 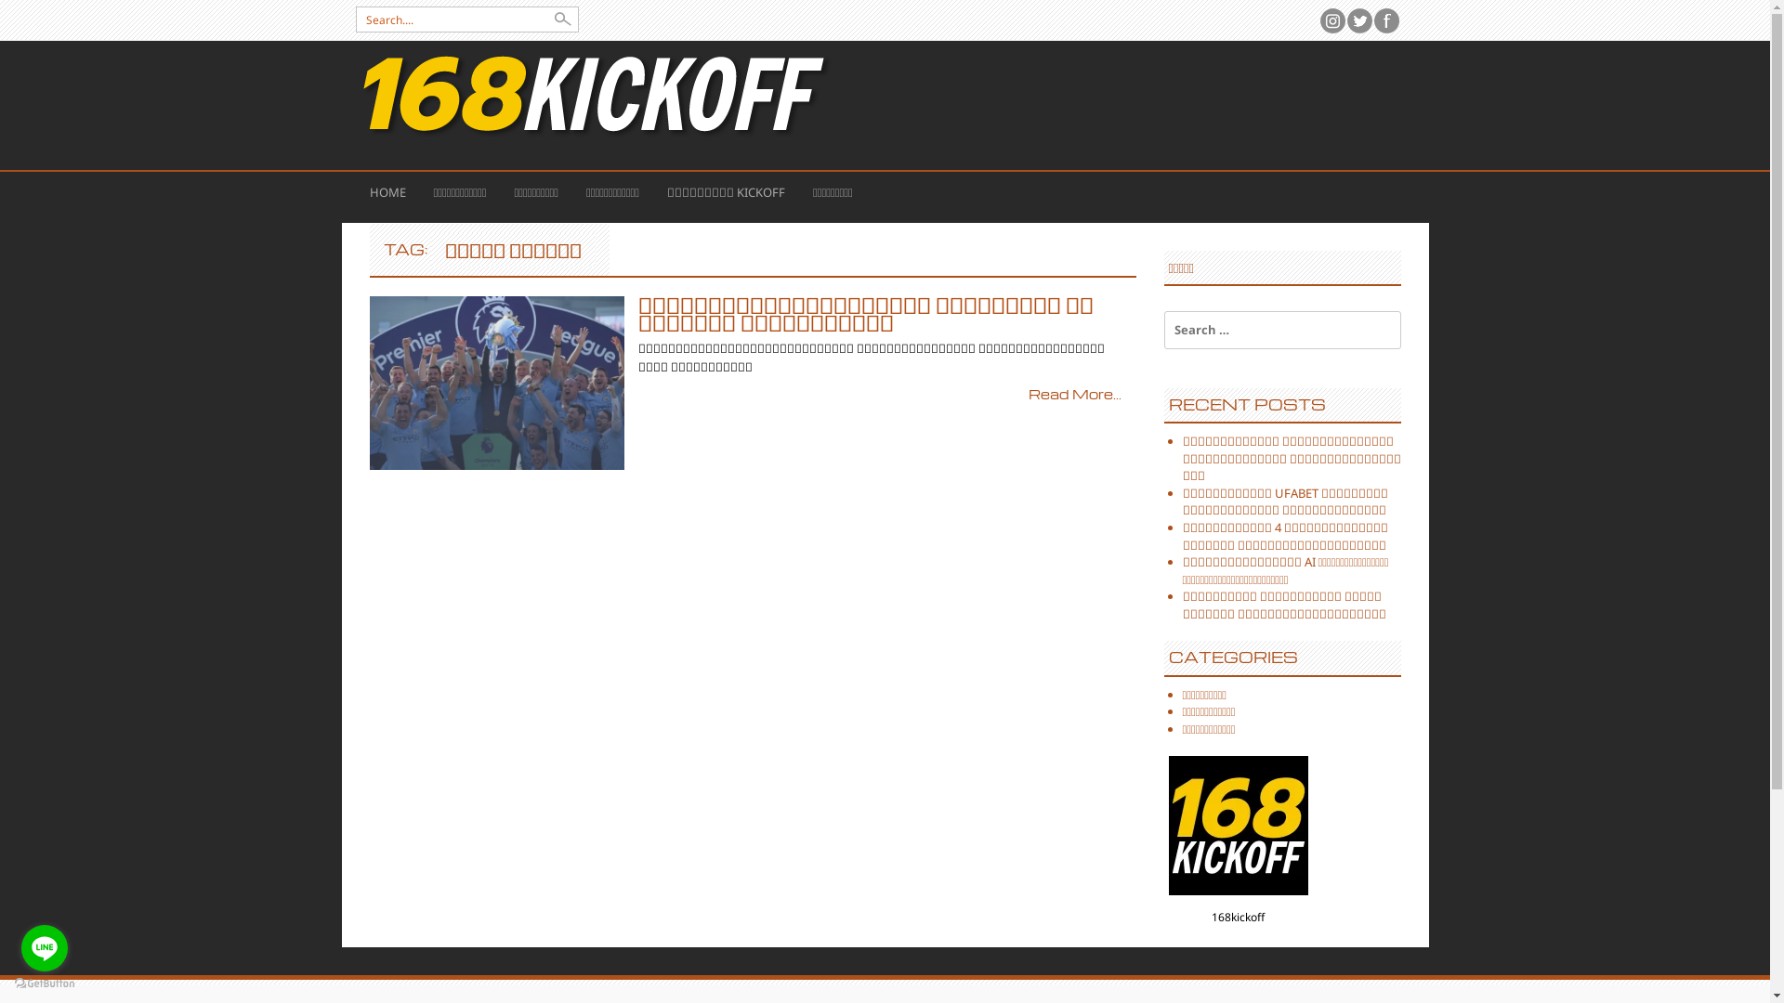 What do you see at coordinates (1028, 393) in the screenshot?
I see `'Read More...'` at bounding box center [1028, 393].